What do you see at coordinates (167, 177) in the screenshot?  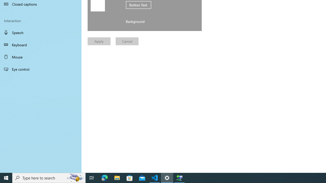 I see `'Settings - 1 running window'` at bounding box center [167, 177].